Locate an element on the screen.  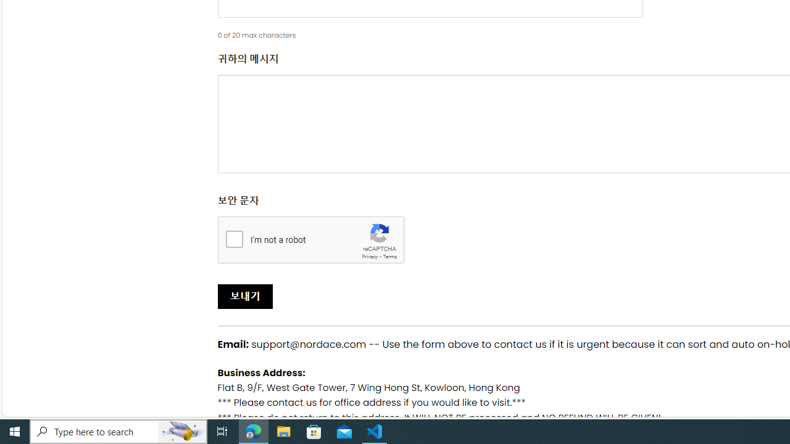
'Terms' is located at coordinates (389, 256).